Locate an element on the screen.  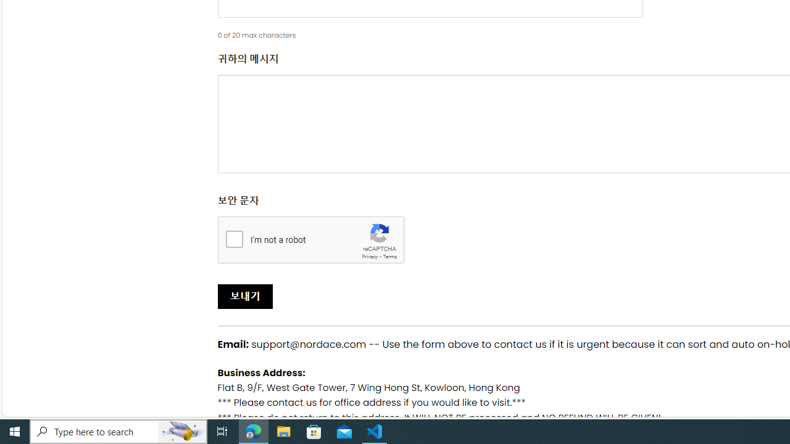
'Terms' is located at coordinates (389, 256).